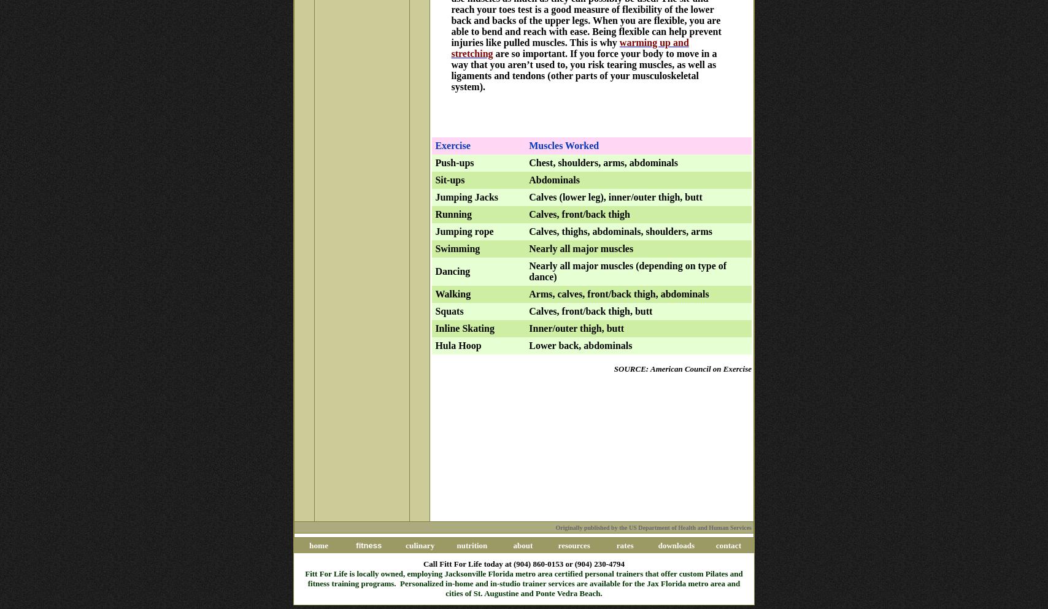 The height and width of the screenshot is (609, 1048). Describe the element at coordinates (576, 327) in the screenshot. I see `'Inner/outer thigh, butt'` at that location.